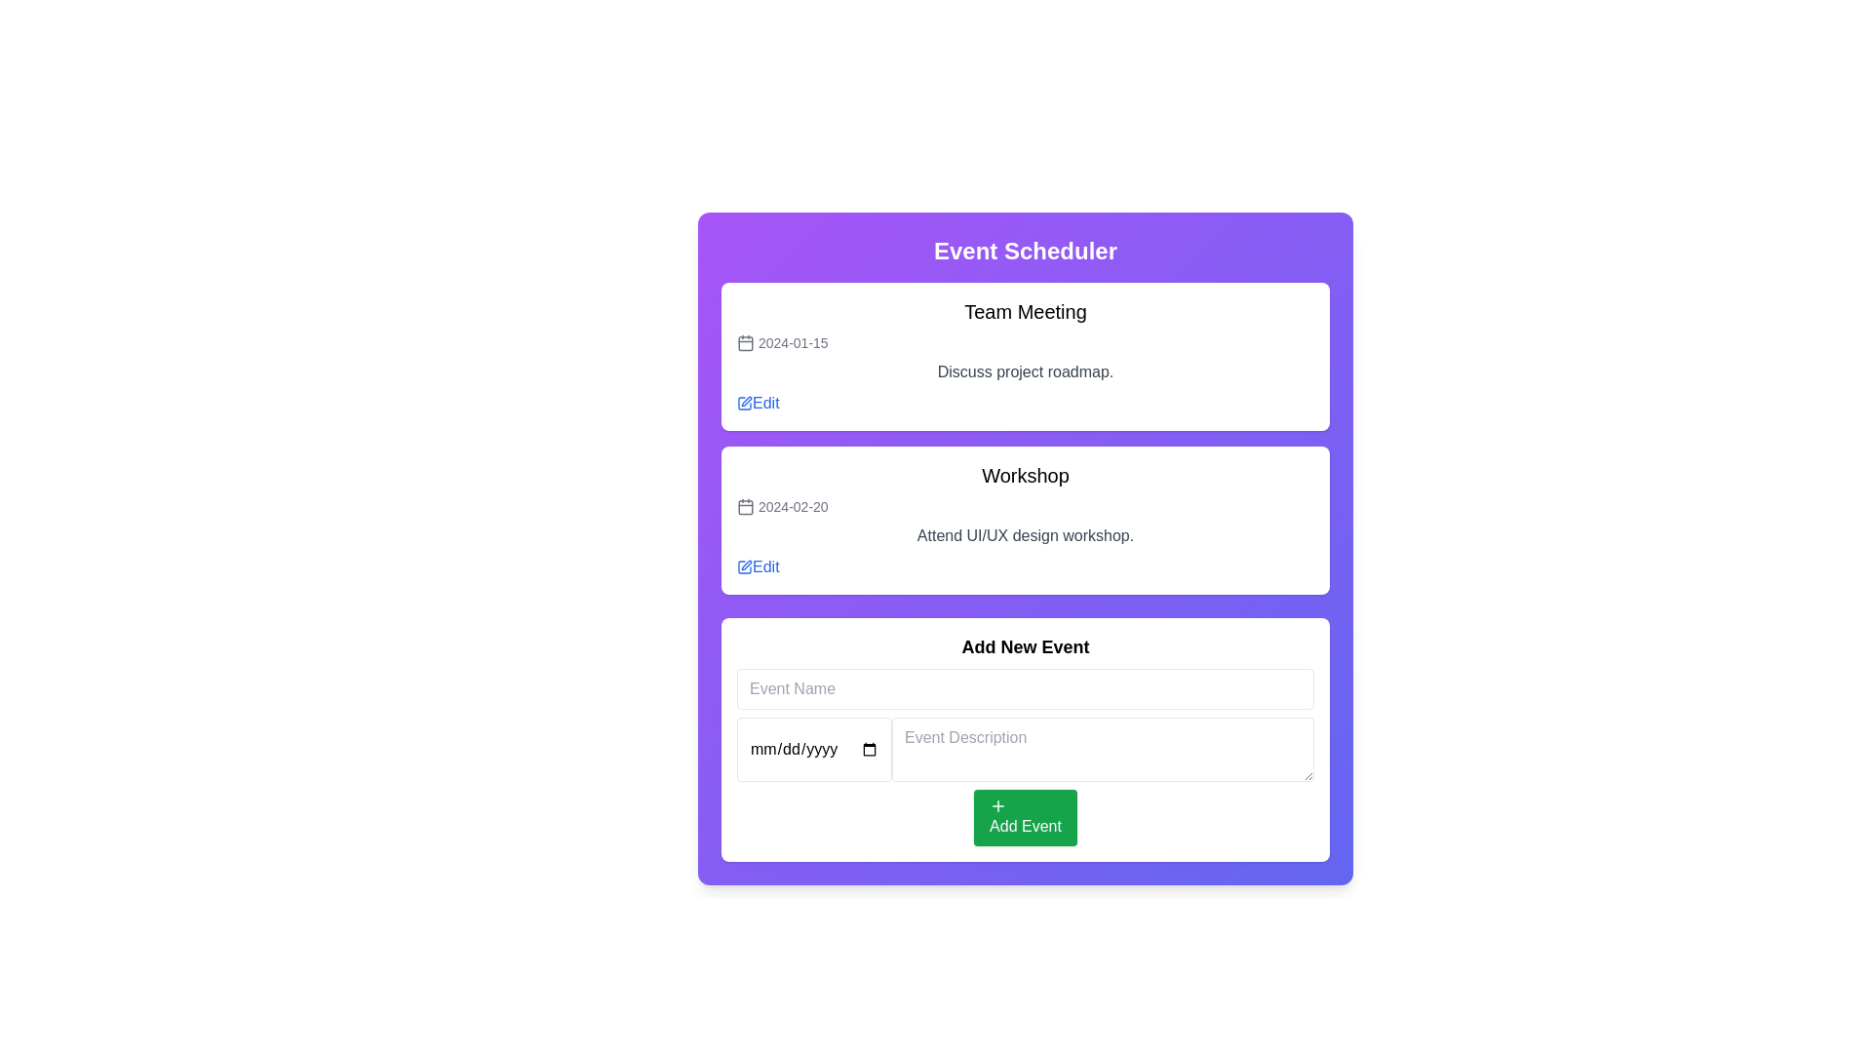 The width and height of the screenshot is (1872, 1053). Describe the element at coordinates (1024, 251) in the screenshot. I see `the header text displaying 'Event Scheduler' which is large, bold, and white-colored, located at the top of the card-like layout` at that location.